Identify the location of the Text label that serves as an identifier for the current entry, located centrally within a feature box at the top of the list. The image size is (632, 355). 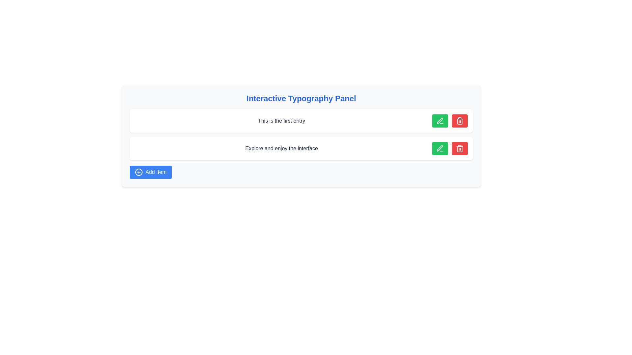
(281, 121).